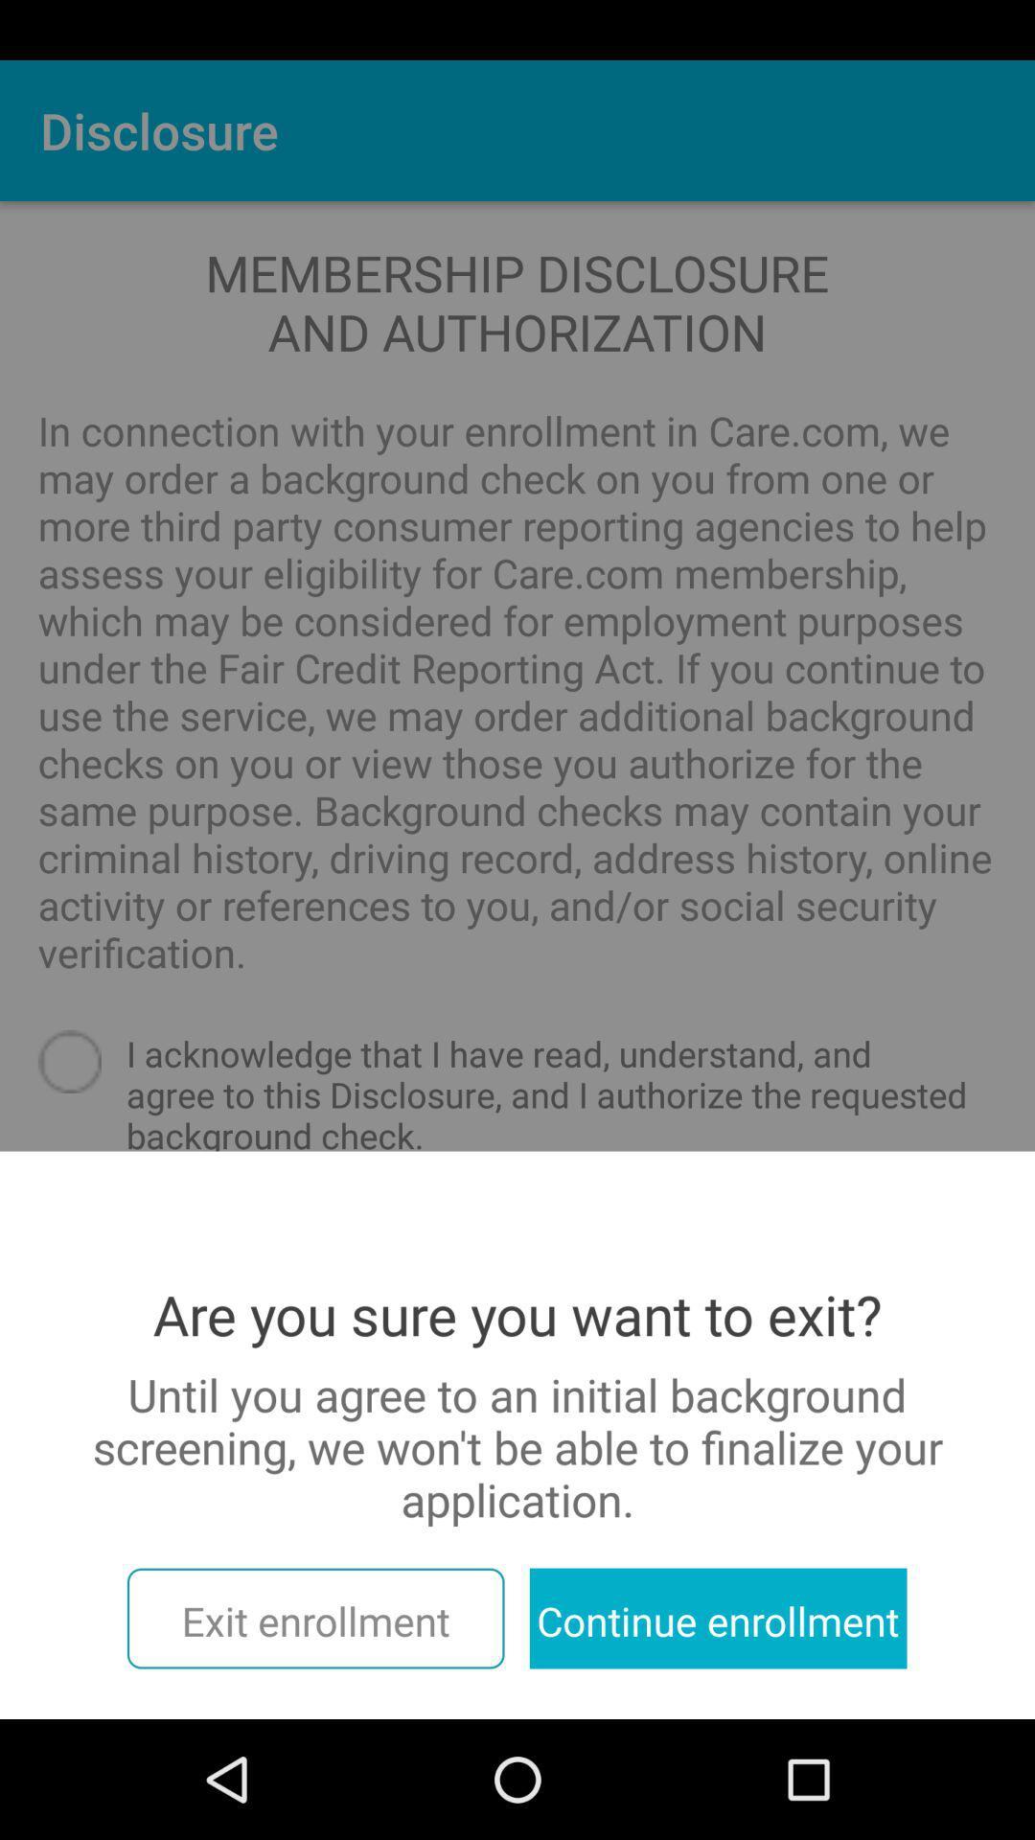 The image size is (1035, 1840). Describe the element at coordinates (718, 1618) in the screenshot. I see `the item to the right of exit enrollment` at that location.